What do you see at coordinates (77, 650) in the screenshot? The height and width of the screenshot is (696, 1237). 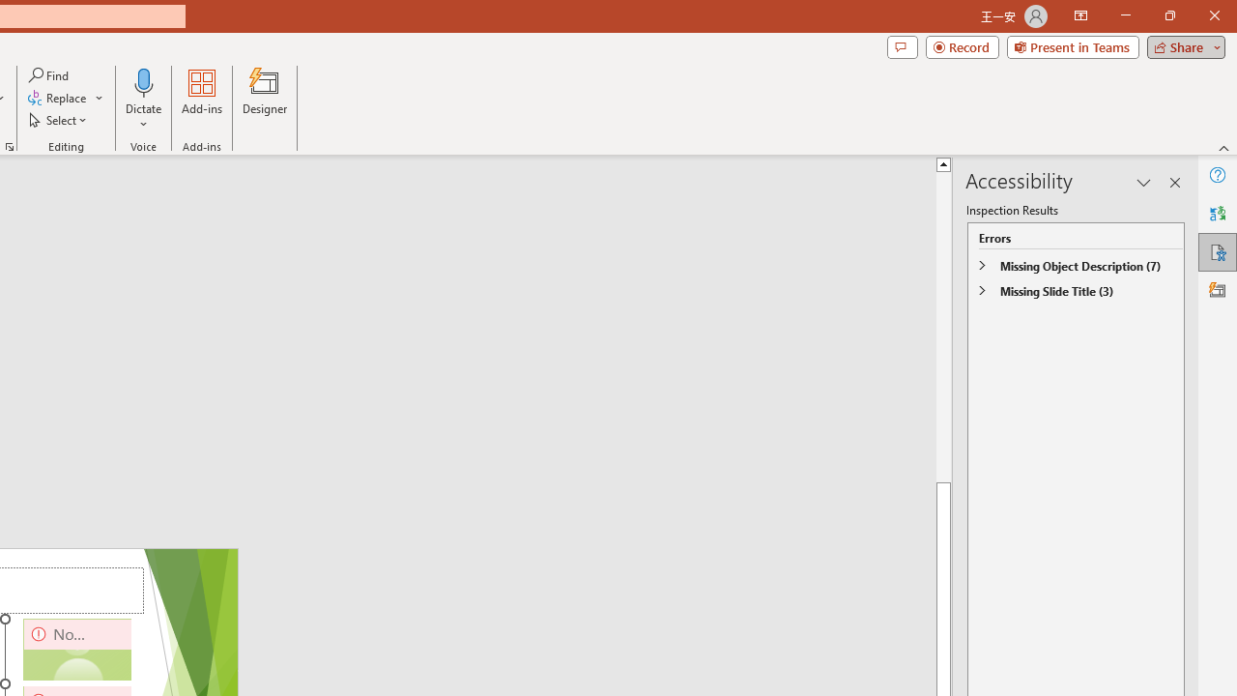 I see `'Camera 5, No camera detected.'` at bounding box center [77, 650].